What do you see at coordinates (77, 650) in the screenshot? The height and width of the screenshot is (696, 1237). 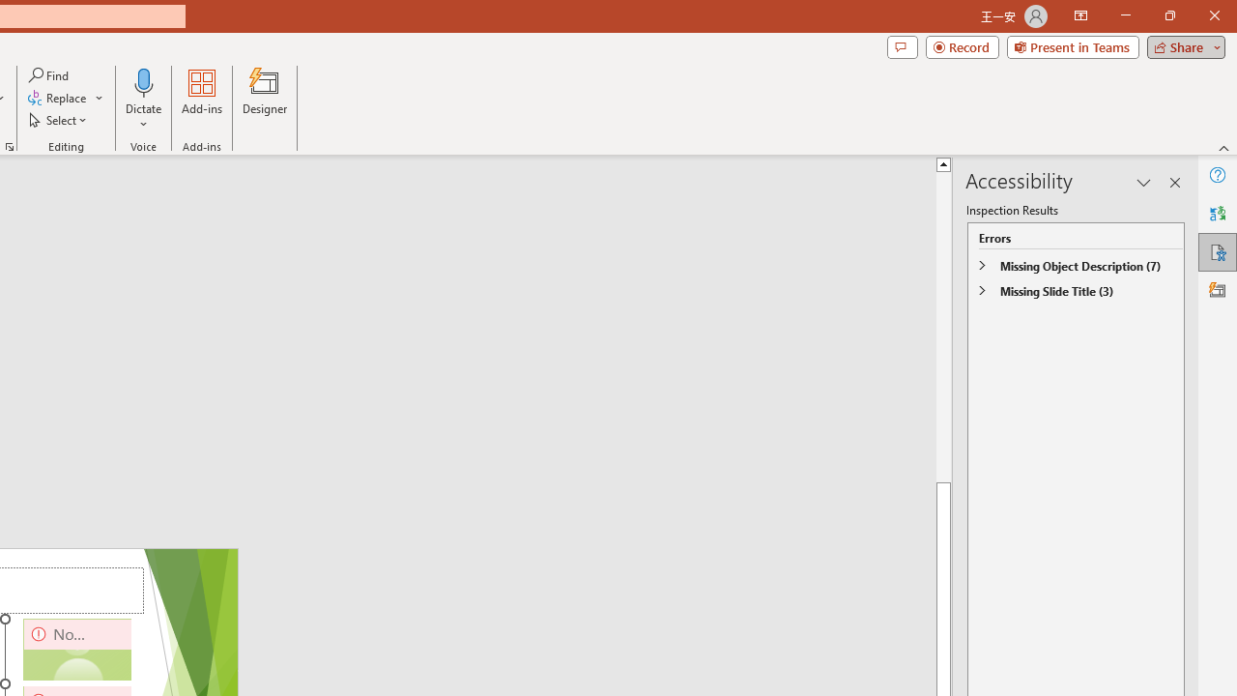 I see `'Camera 5, No camera detected.'` at bounding box center [77, 650].